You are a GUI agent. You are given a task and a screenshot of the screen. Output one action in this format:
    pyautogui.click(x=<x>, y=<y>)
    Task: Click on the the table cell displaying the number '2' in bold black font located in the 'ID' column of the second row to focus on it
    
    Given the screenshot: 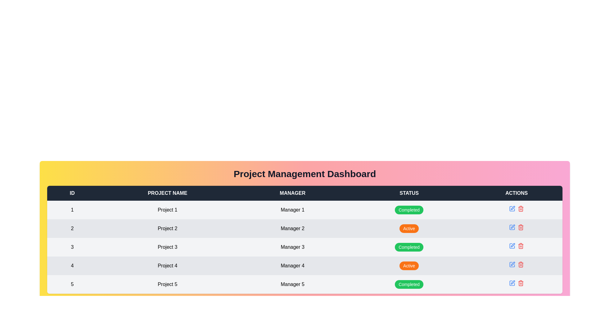 What is the action you would take?
    pyautogui.click(x=72, y=228)
    